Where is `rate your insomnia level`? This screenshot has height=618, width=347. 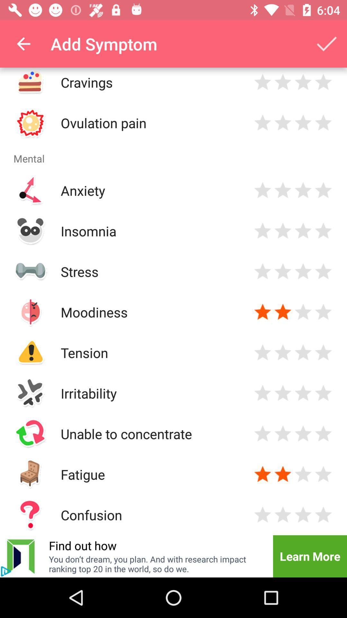
rate your insomnia level is located at coordinates (303, 231).